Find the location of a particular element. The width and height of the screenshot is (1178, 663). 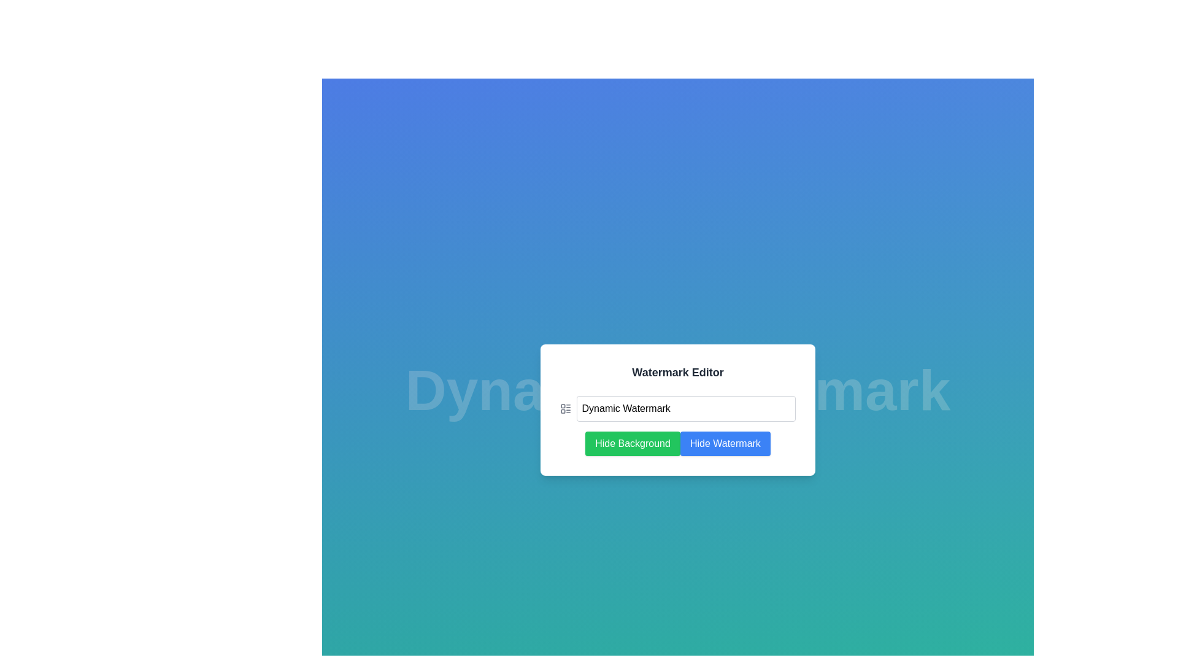

the layout management icon located to the left of the 'Dynamic Watermark' text input field is located at coordinates (565, 409).